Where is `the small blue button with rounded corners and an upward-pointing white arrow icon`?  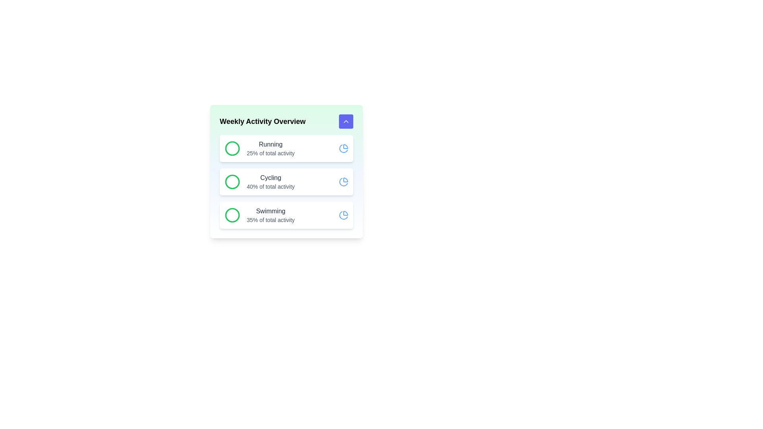 the small blue button with rounded corners and an upward-pointing white arrow icon is located at coordinates (346, 121).